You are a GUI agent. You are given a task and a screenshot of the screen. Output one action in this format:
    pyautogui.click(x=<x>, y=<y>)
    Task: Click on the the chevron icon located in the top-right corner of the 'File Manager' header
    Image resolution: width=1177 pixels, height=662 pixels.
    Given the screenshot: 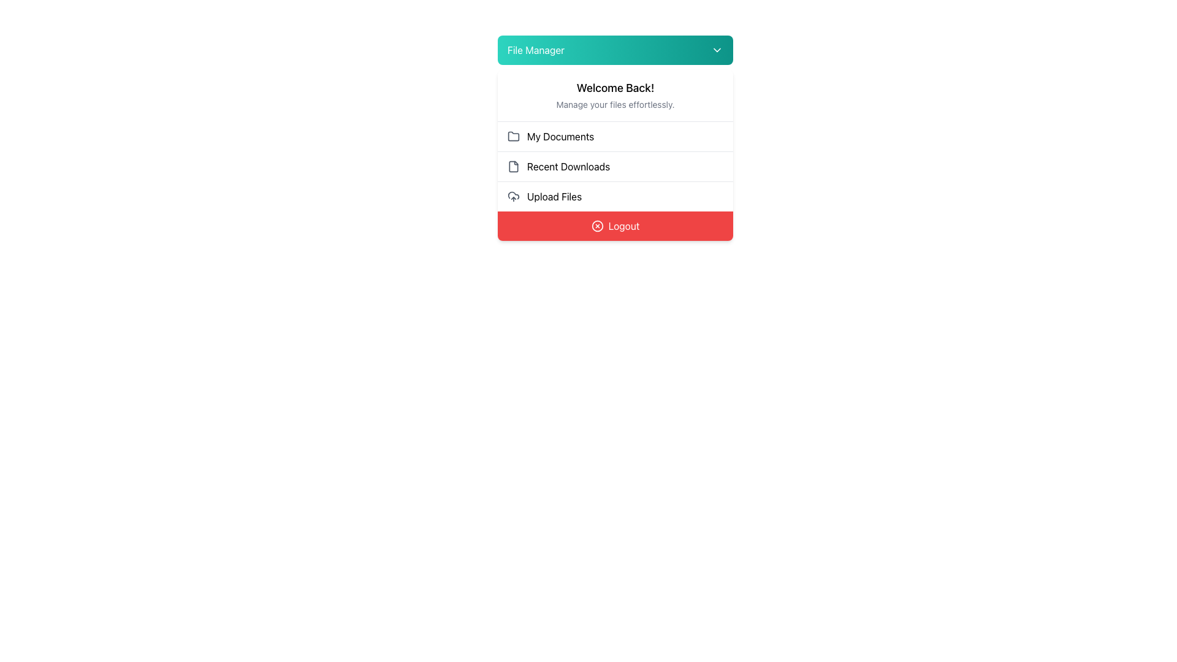 What is the action you would take?
    pyautogui.click(x=717, y=49)
    